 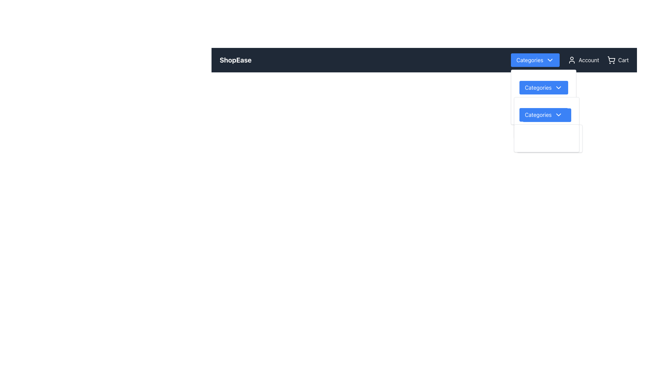 What do you see at coordinates (543, 110) in the screenshot?
I see `the blue 'Categories' dropdown button with white text and a downward facing chevron icon` at bounding box center [543, 110].